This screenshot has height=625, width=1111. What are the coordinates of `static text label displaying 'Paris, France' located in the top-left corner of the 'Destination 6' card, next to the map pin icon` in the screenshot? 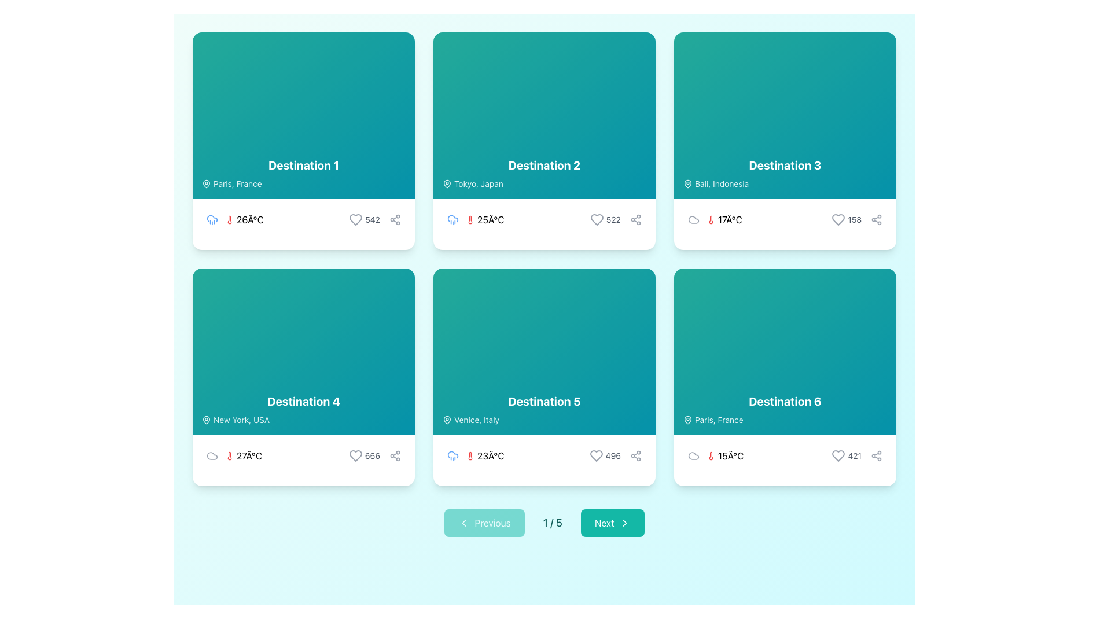 It's located at (718, 420).